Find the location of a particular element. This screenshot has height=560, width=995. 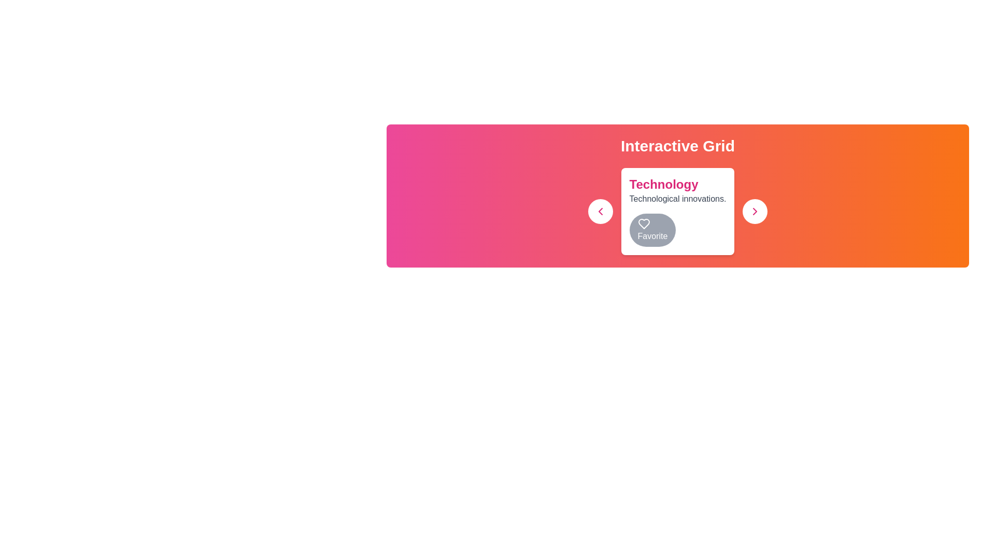

the circular button with a pink chevron icon pointing left is located at coordinates (600, 211).